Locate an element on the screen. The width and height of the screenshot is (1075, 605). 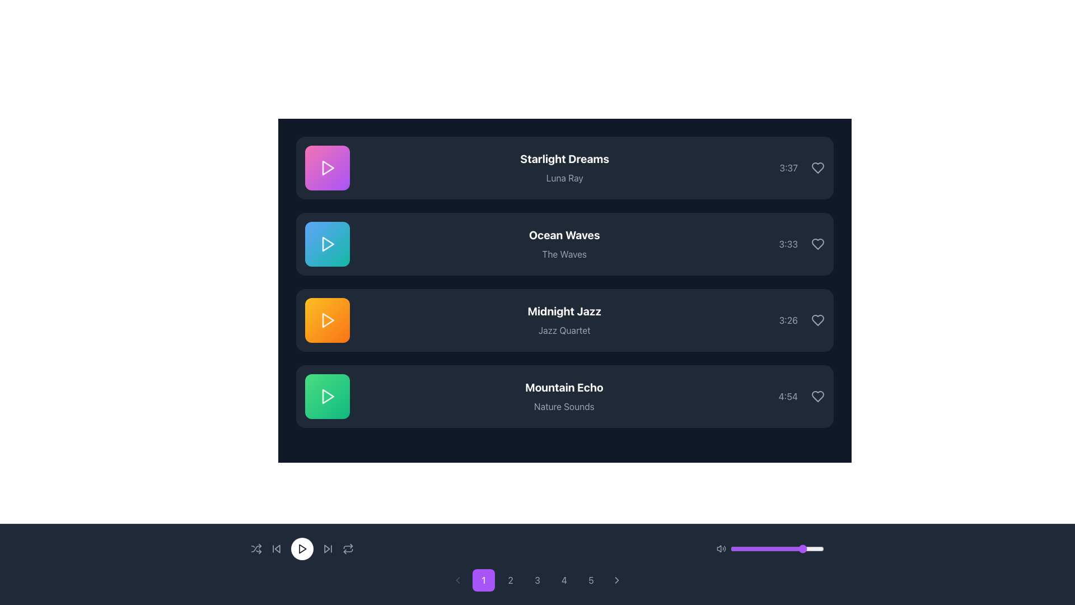
the rounded square button with a gradient background and a white play icon, located in the bottom-most row of the list, to navigate via keyboard is located at coordinates (327, 396).